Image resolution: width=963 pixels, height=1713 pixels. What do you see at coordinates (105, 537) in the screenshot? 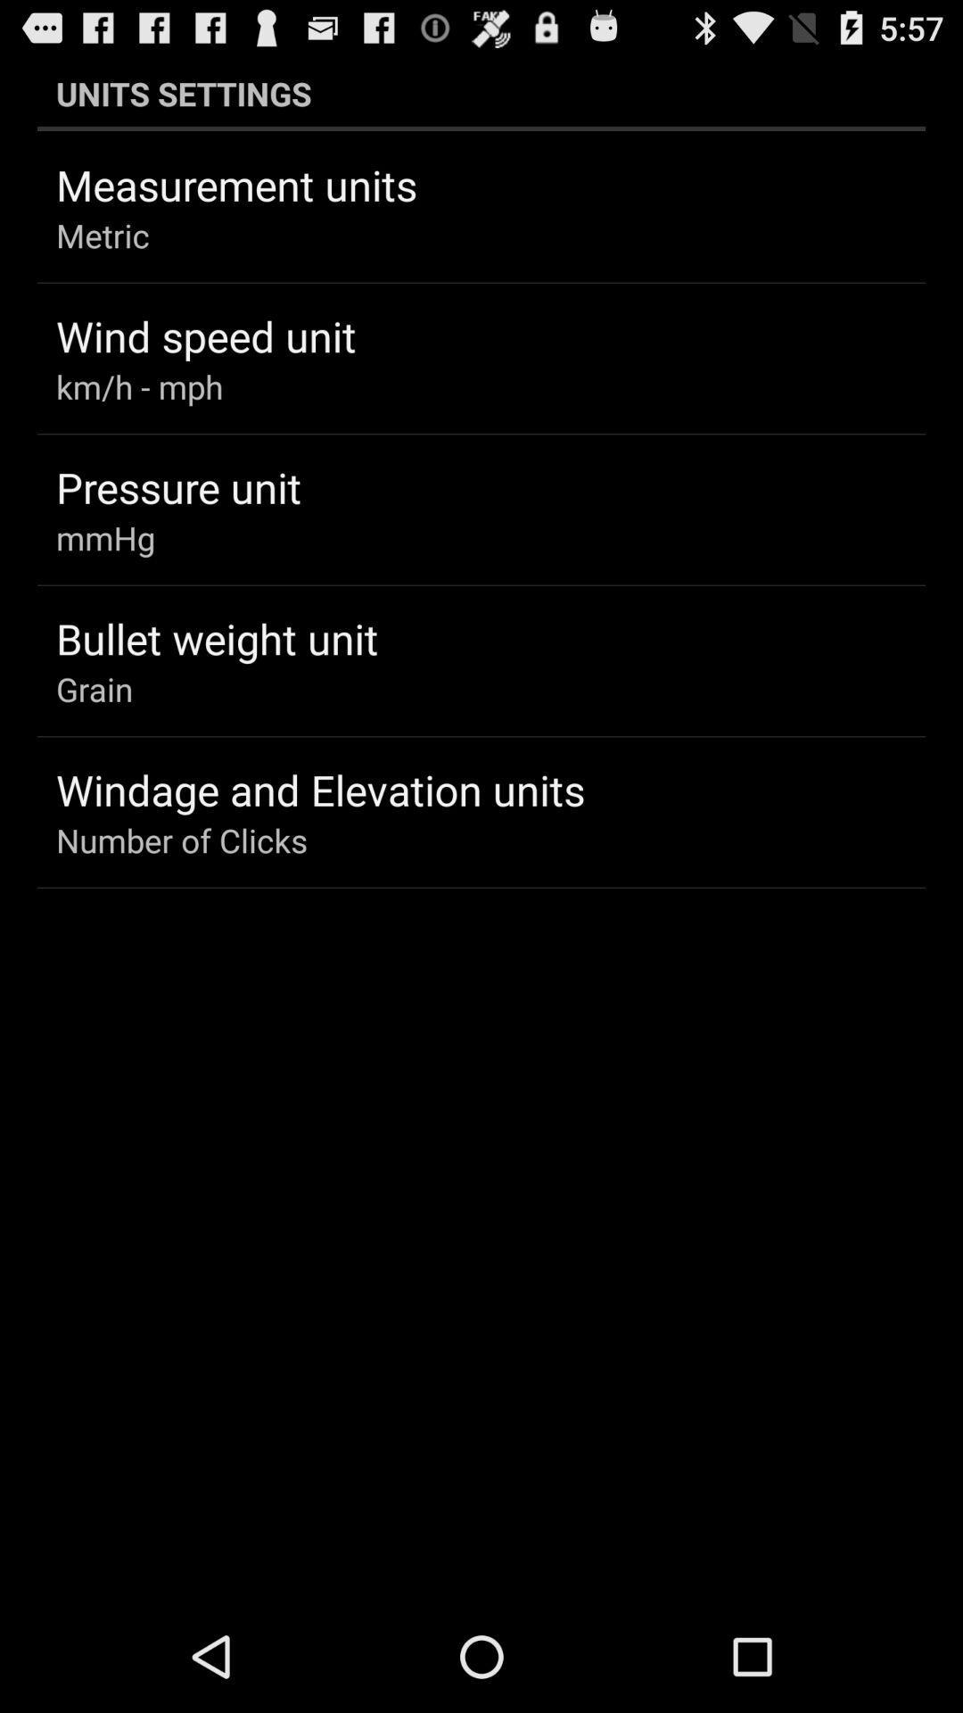
I see `mmhg app` at bounding box center [105, 537].